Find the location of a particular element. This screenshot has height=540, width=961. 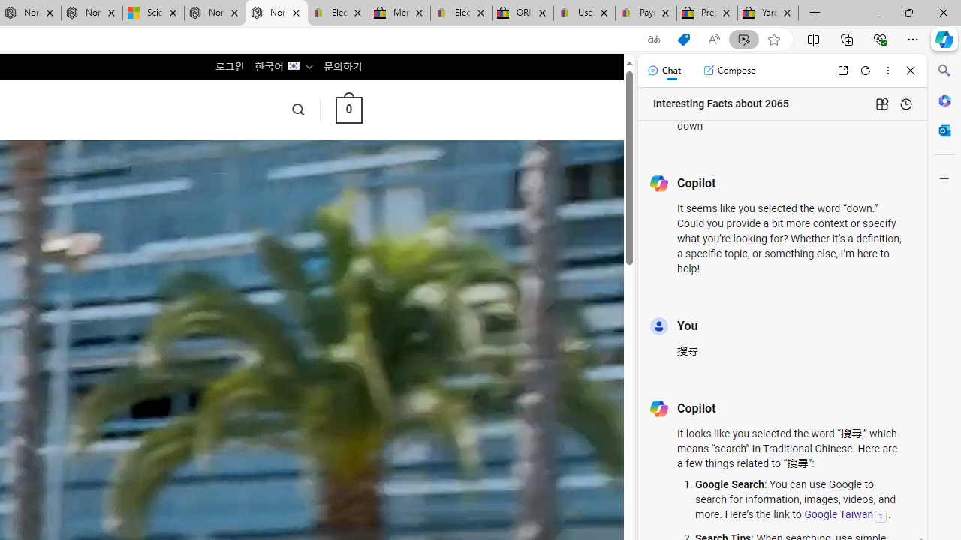

'Chat' is located at coordinates (663, 70).